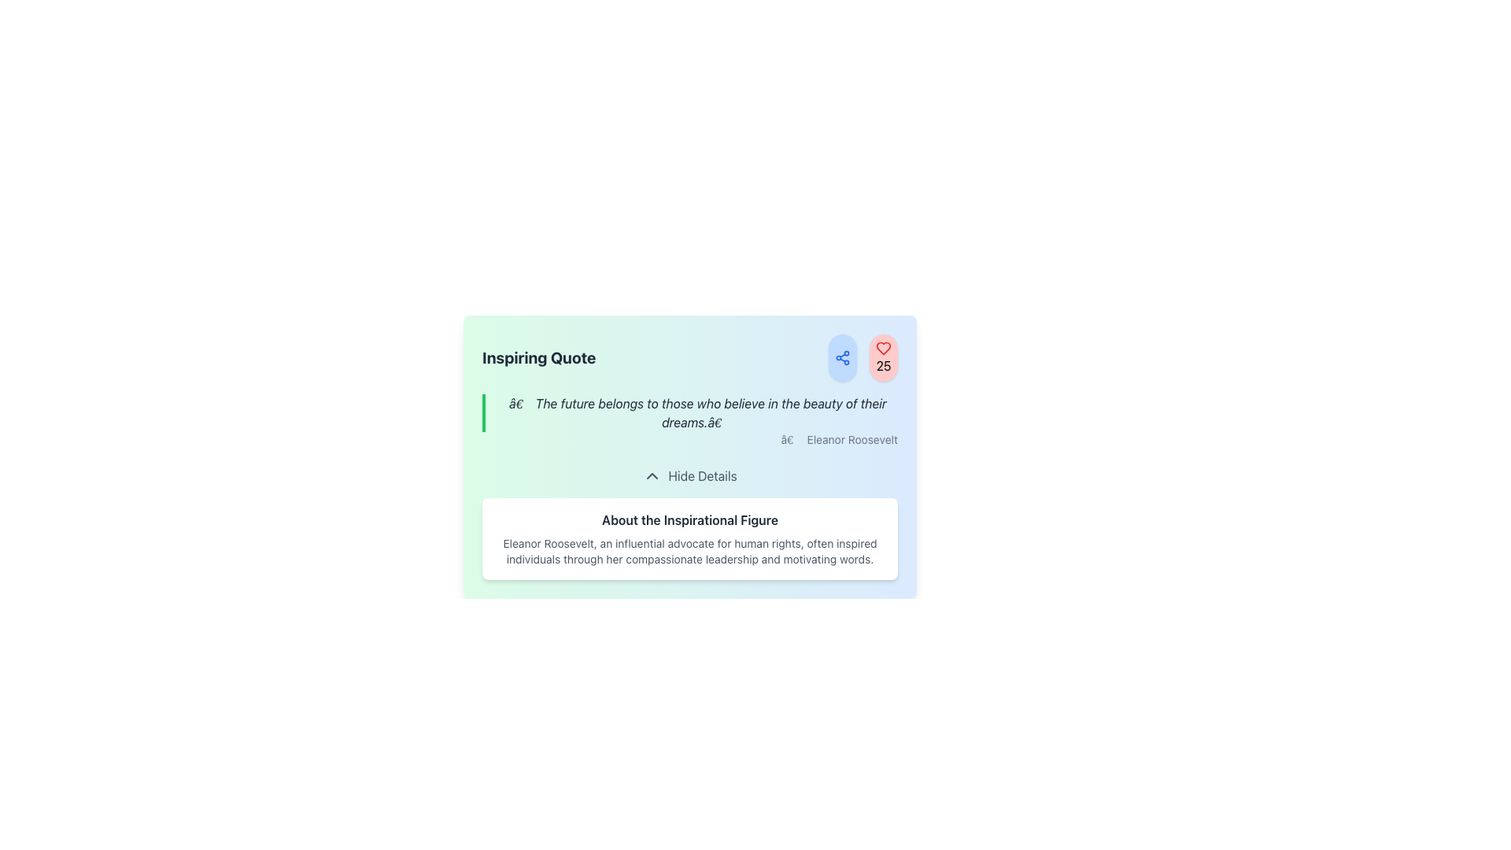 The image size is (1511, 850). Describe the element at coordinates (841, 358) in the screenshot. I see `the share button located at the top right corner of the card layout` at that location.